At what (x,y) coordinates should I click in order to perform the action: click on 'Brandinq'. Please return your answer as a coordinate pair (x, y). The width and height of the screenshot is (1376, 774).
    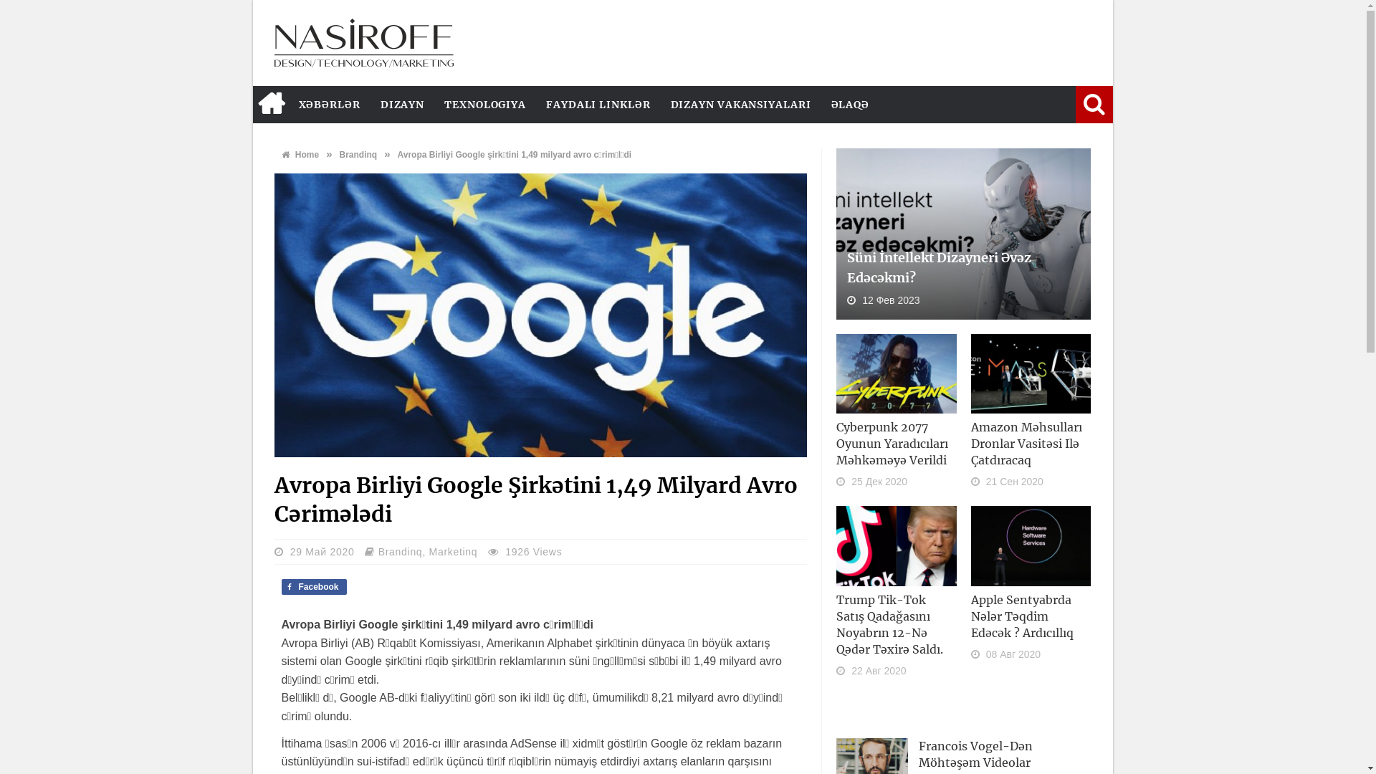
    Looking at the image, I should click on (358, 155).